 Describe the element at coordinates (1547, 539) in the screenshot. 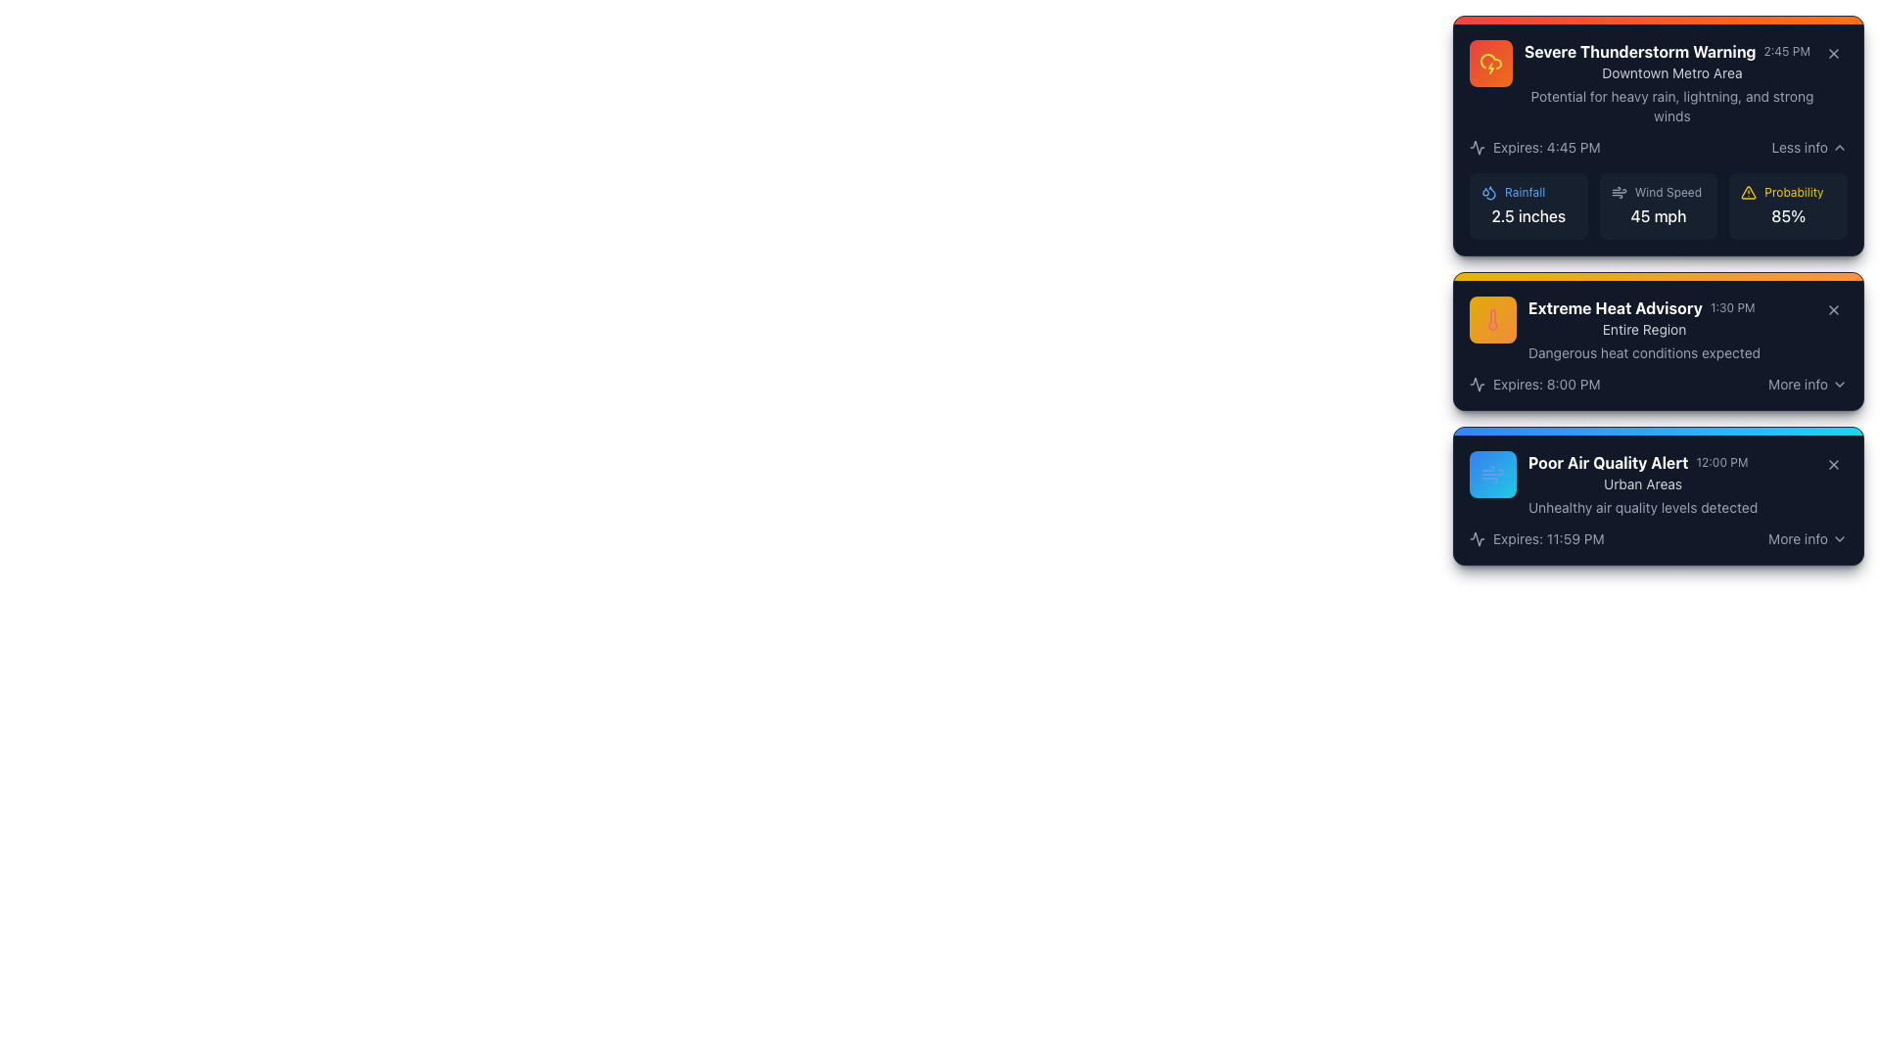

I see `expiration time from the Text Label that says 'Expires: 11:59 PM', which is styled with a dark background and light-colored text, located within the 'Poor Air Quality Alert' card` at that location.